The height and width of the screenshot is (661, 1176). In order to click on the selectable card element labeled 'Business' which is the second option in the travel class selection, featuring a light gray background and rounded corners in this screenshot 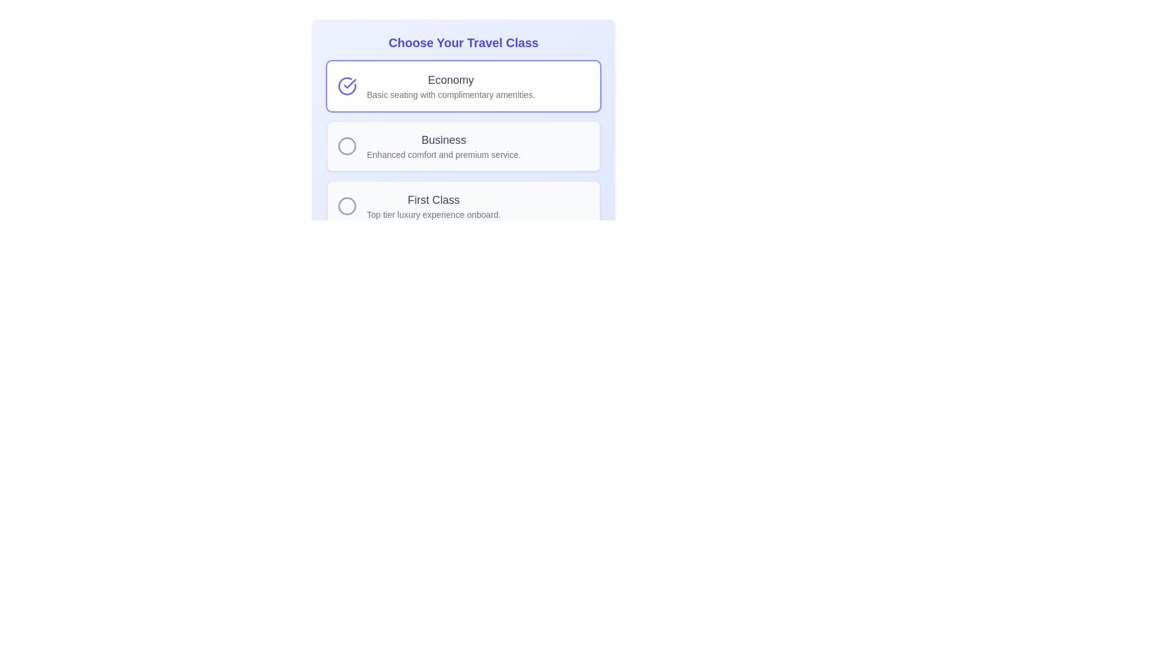, I will do `click(463, 146)`.